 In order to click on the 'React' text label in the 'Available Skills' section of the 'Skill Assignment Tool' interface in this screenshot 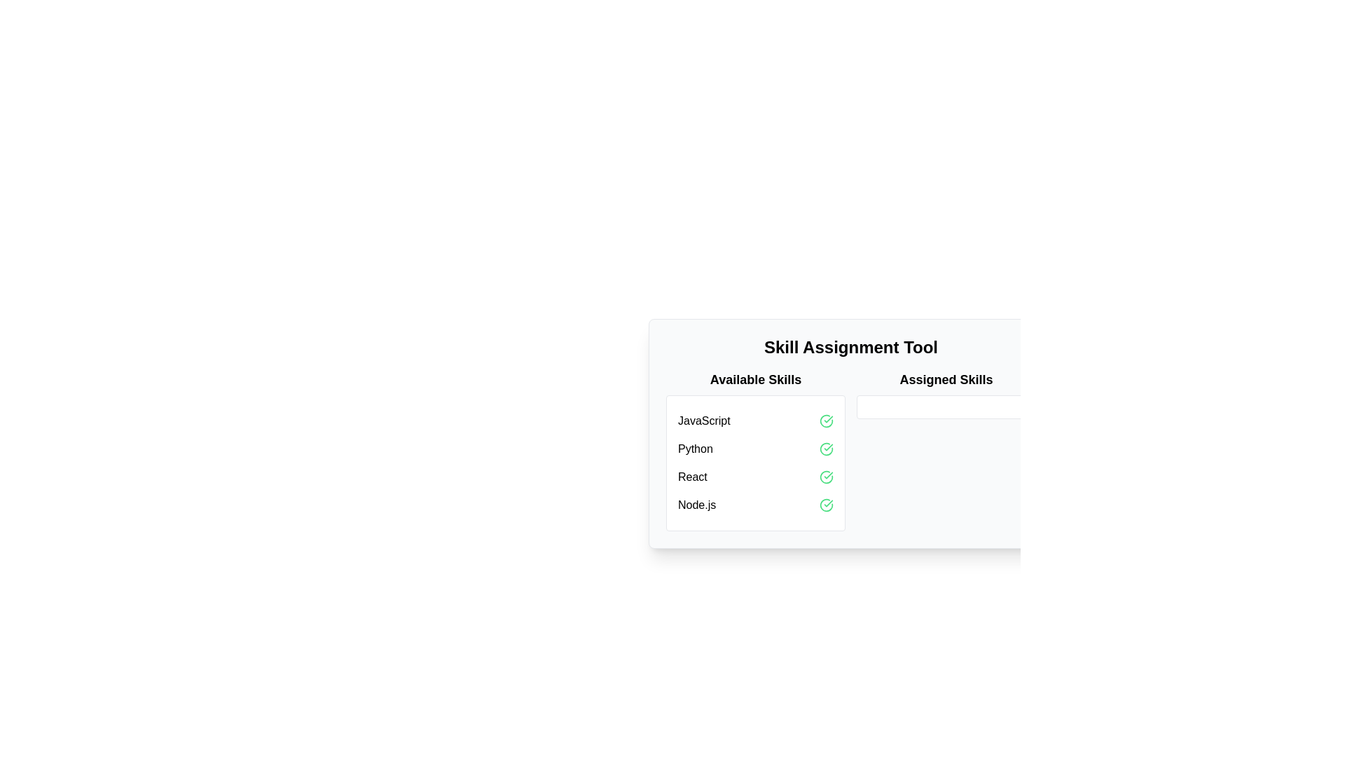, I will do `click(692, 477)`.